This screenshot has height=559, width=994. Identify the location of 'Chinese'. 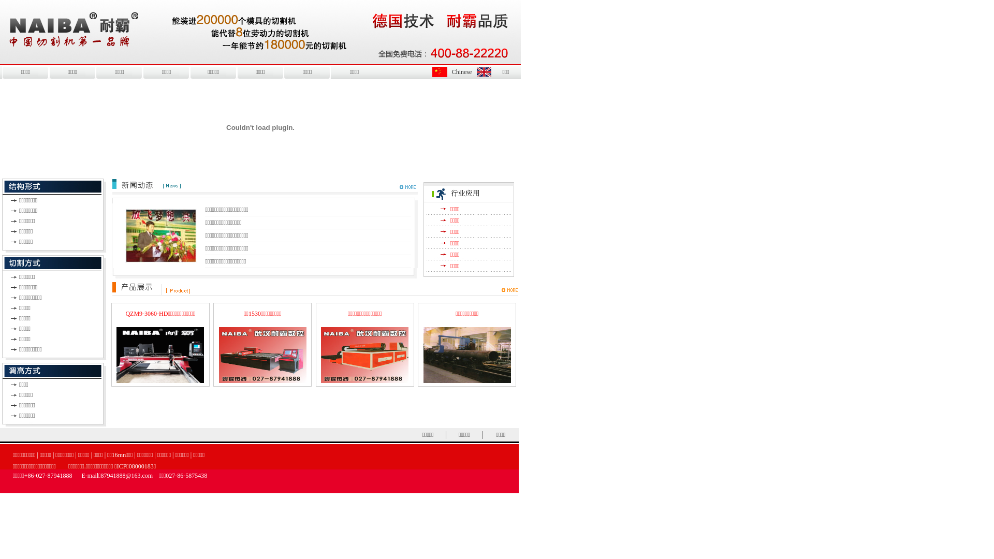
(461, 71).